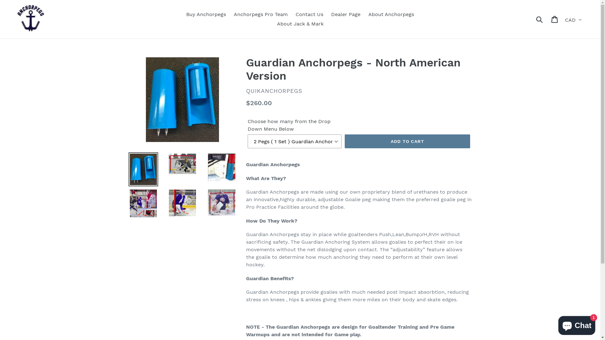 This screenshot has width=605, height=340. Describe the element at coordinates (344, 141) in the screenshot. I see `'ADD TO CART'` at that location.